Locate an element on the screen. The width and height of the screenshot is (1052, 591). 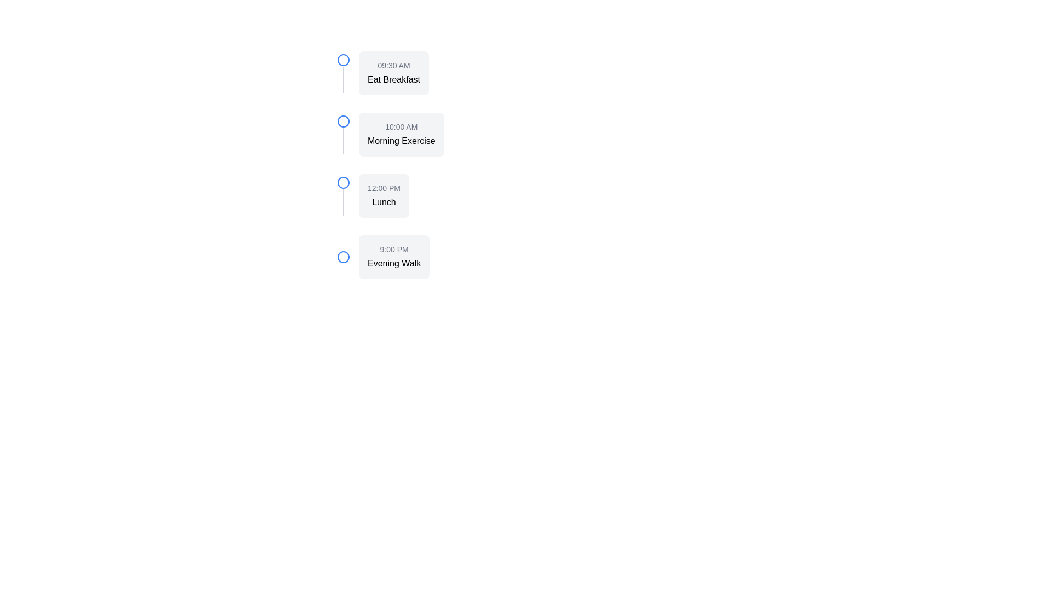
the third circle in the vertical timeline that indicates the '12:00 PM Lunch' event is located at coordinates (343, 182).